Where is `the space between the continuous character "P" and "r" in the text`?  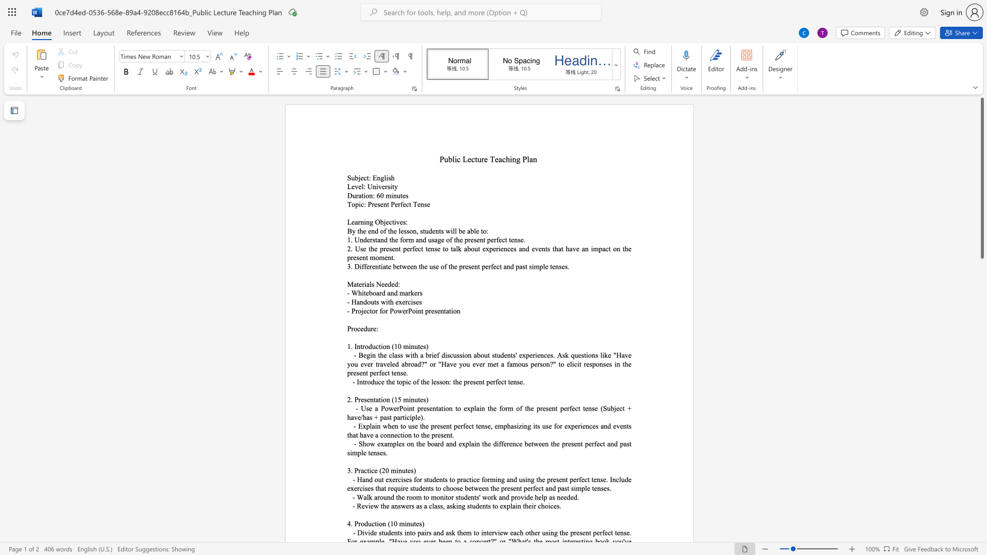 the space between the continuous character "P" and "r" in the text is located at coordinates (358, 399).